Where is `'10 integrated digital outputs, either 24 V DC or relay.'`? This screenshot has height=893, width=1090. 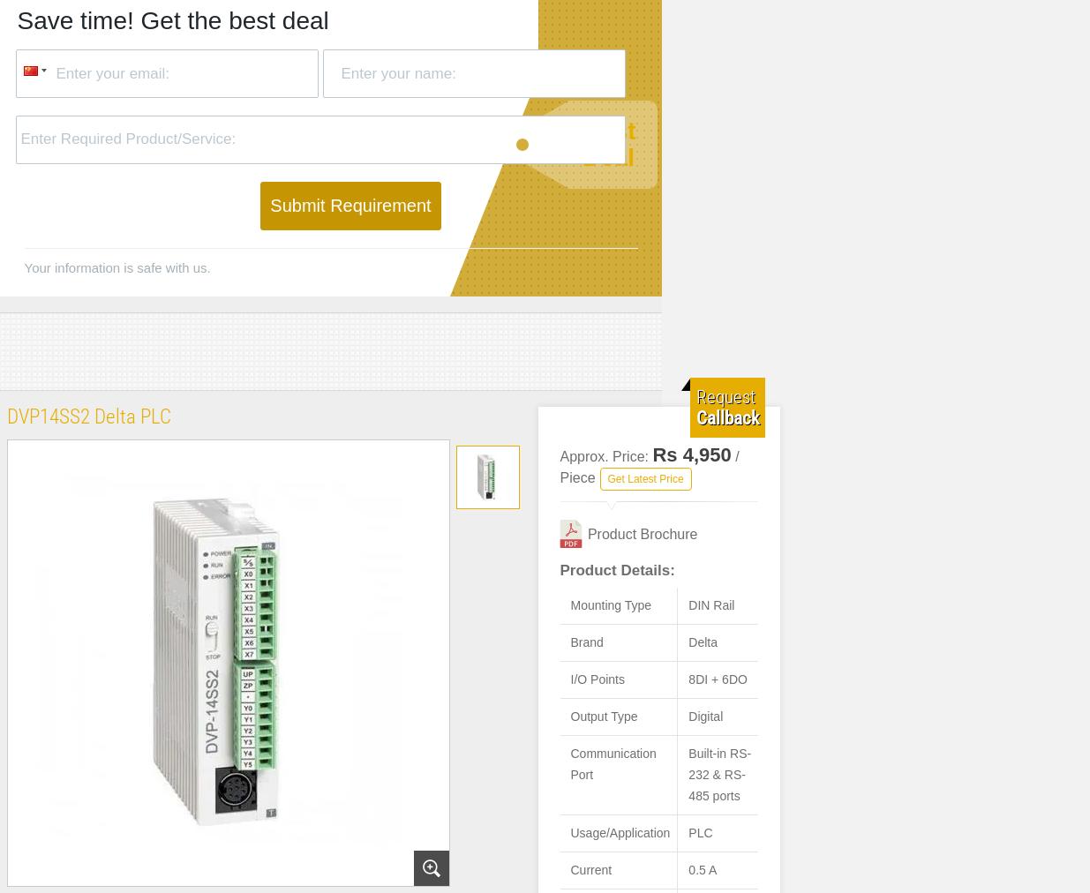
'10 integrated digital outputs, either 24 V DC or relay.' is located at coordinates (665, 224).